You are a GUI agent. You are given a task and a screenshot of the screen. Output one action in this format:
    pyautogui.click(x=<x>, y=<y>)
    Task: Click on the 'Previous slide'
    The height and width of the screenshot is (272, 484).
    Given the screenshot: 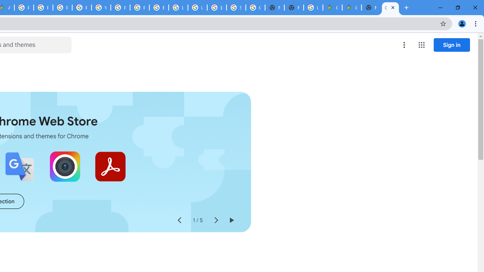 What is the action you would take?
    pyautogui.click(x=179, y=220)
    